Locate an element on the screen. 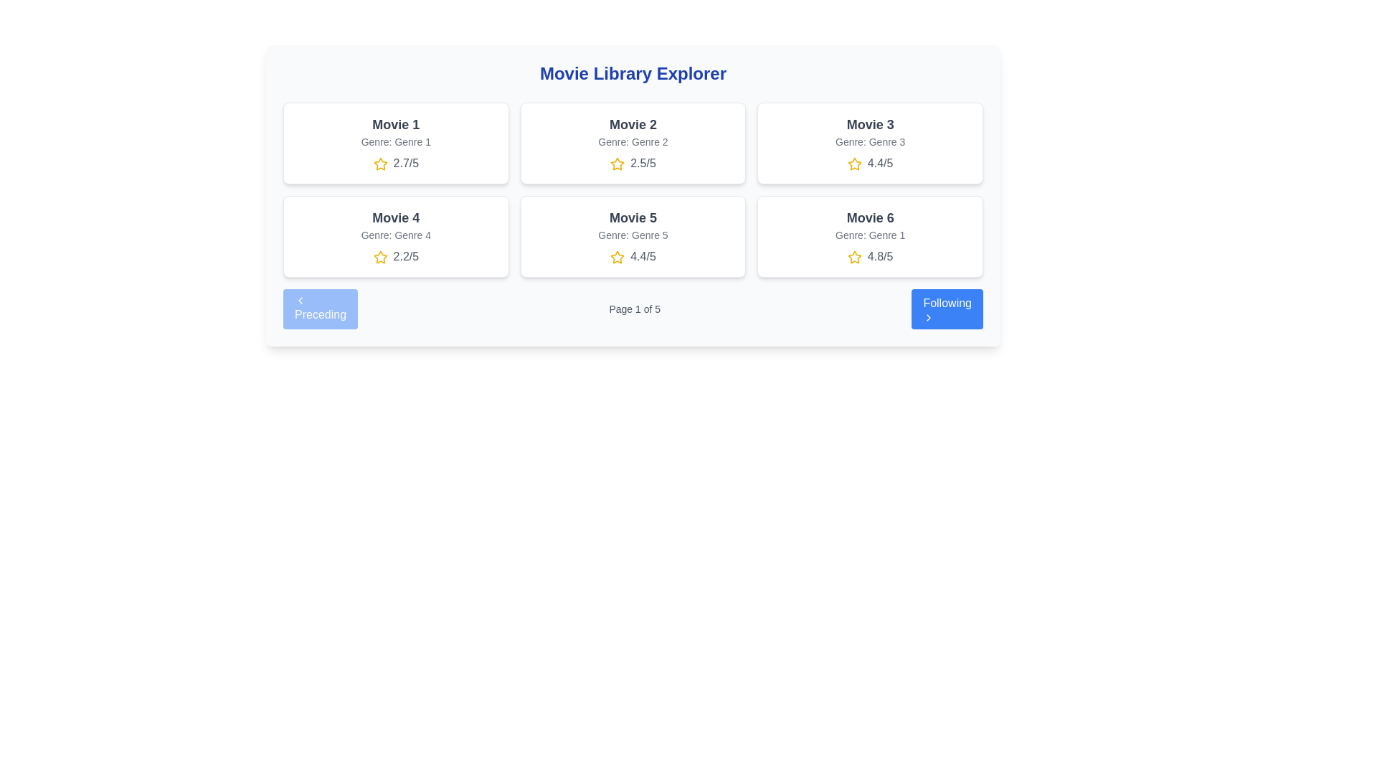  the right-pointing chevron icon located near the right side of the 'Following' button's text, indicating navigation to another page or detailed view is located at coordinates (929, 317).